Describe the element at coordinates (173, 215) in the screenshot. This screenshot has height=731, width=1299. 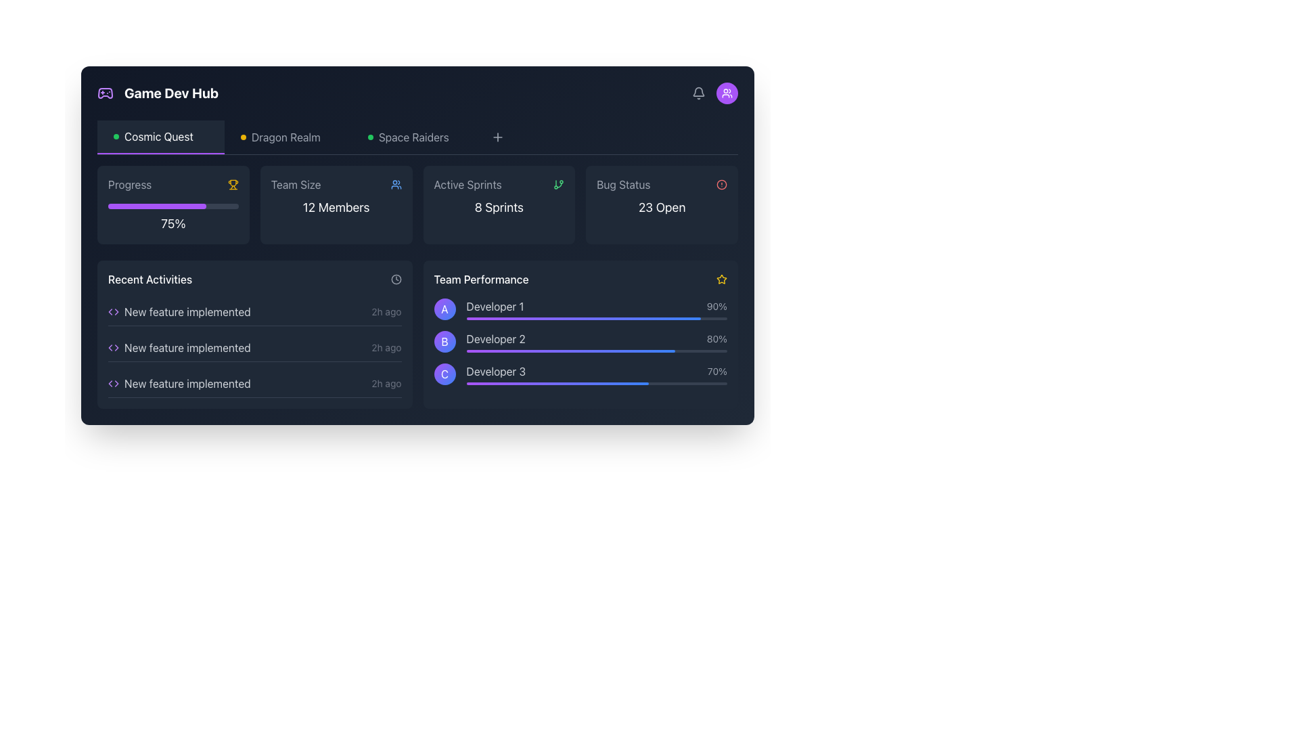
I see `the progress percentage text label located in the 'Progress' section at the upper-left corner of the interface` at that location.